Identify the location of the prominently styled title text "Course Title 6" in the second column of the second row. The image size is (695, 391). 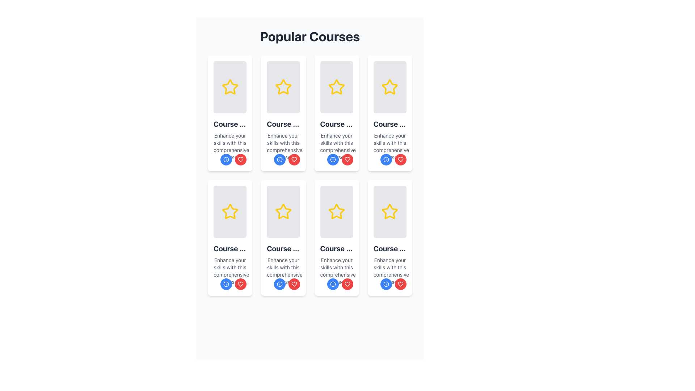
(283, 248).